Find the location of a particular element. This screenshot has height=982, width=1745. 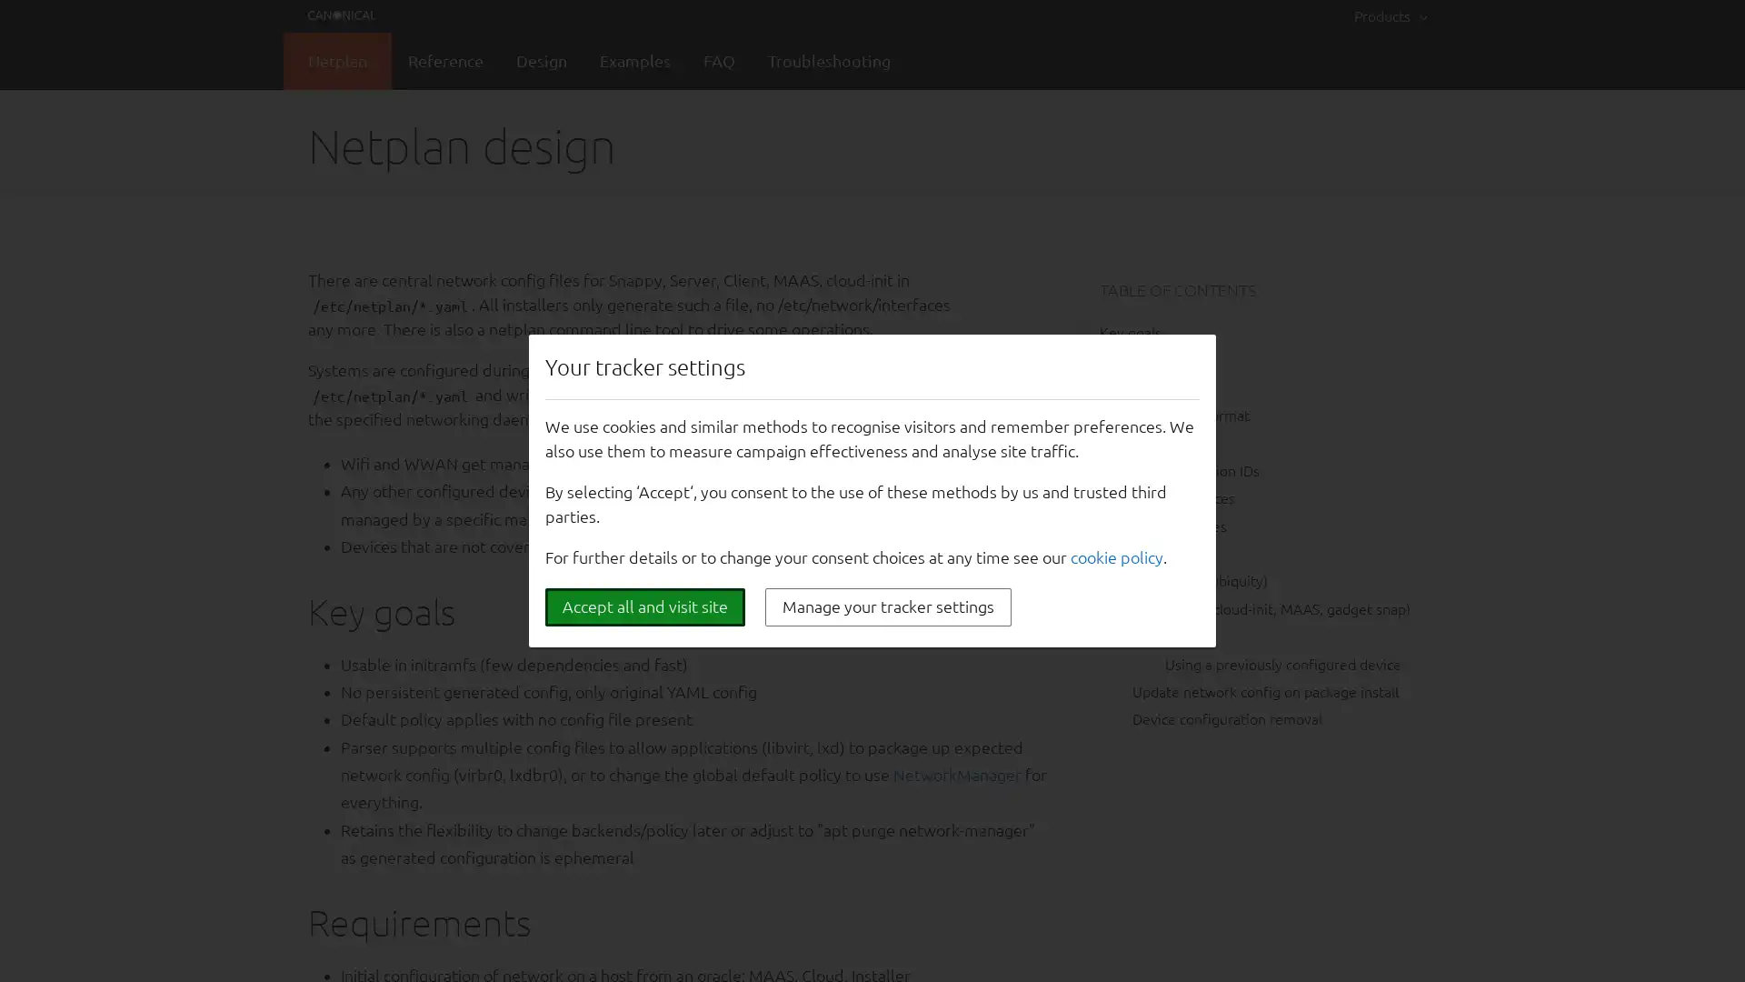

Manage your tracker settings is located at coordinates (888, 606).